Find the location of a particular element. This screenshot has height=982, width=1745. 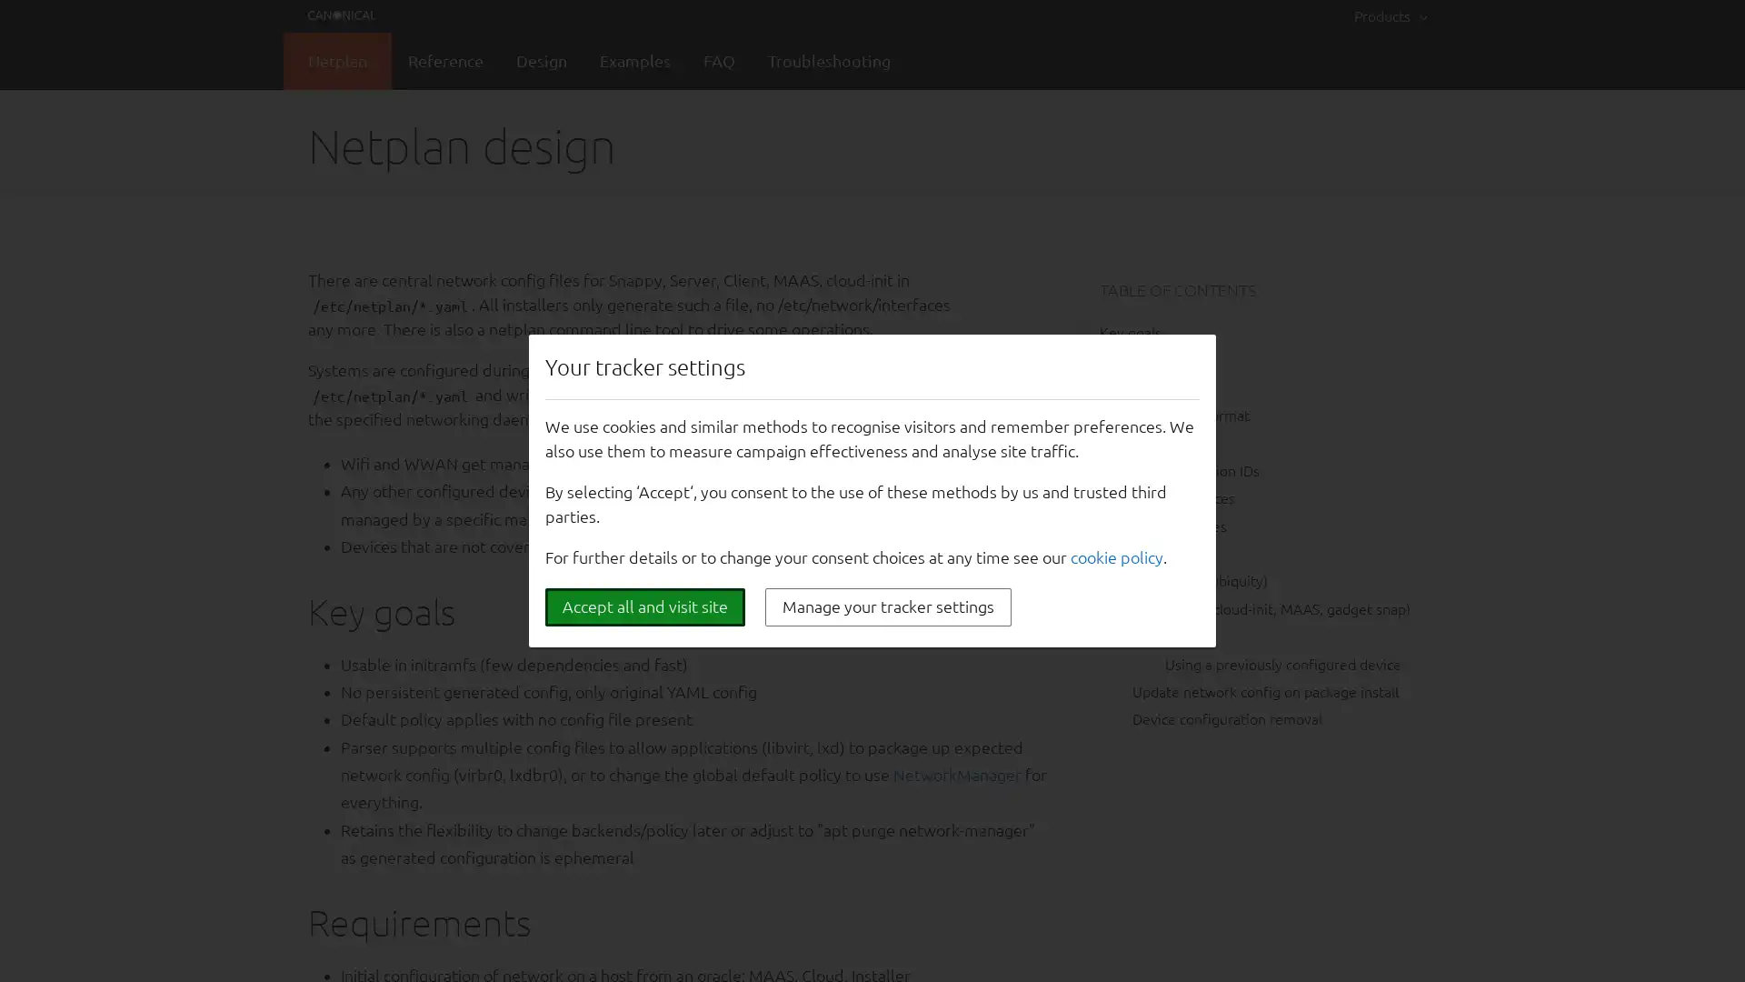

Manage your tracker settings is located at coordinates (888, 606).